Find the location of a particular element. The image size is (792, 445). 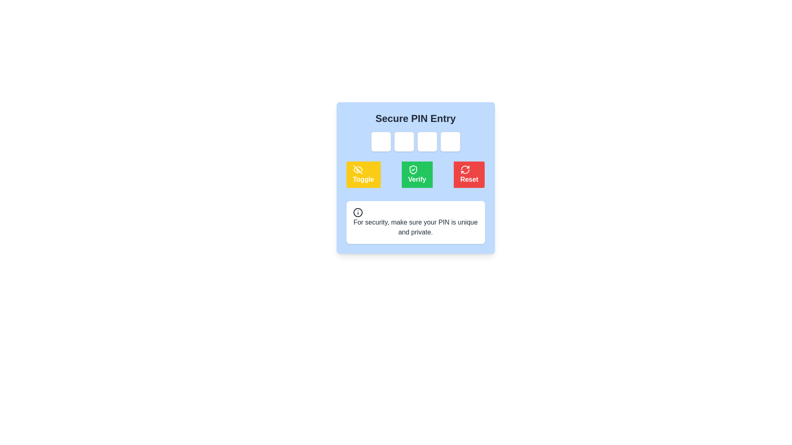

one of the input fields in the composite UI component for the 'Secure PIN Entry' to focus on it is located at coordinates (415, 141).